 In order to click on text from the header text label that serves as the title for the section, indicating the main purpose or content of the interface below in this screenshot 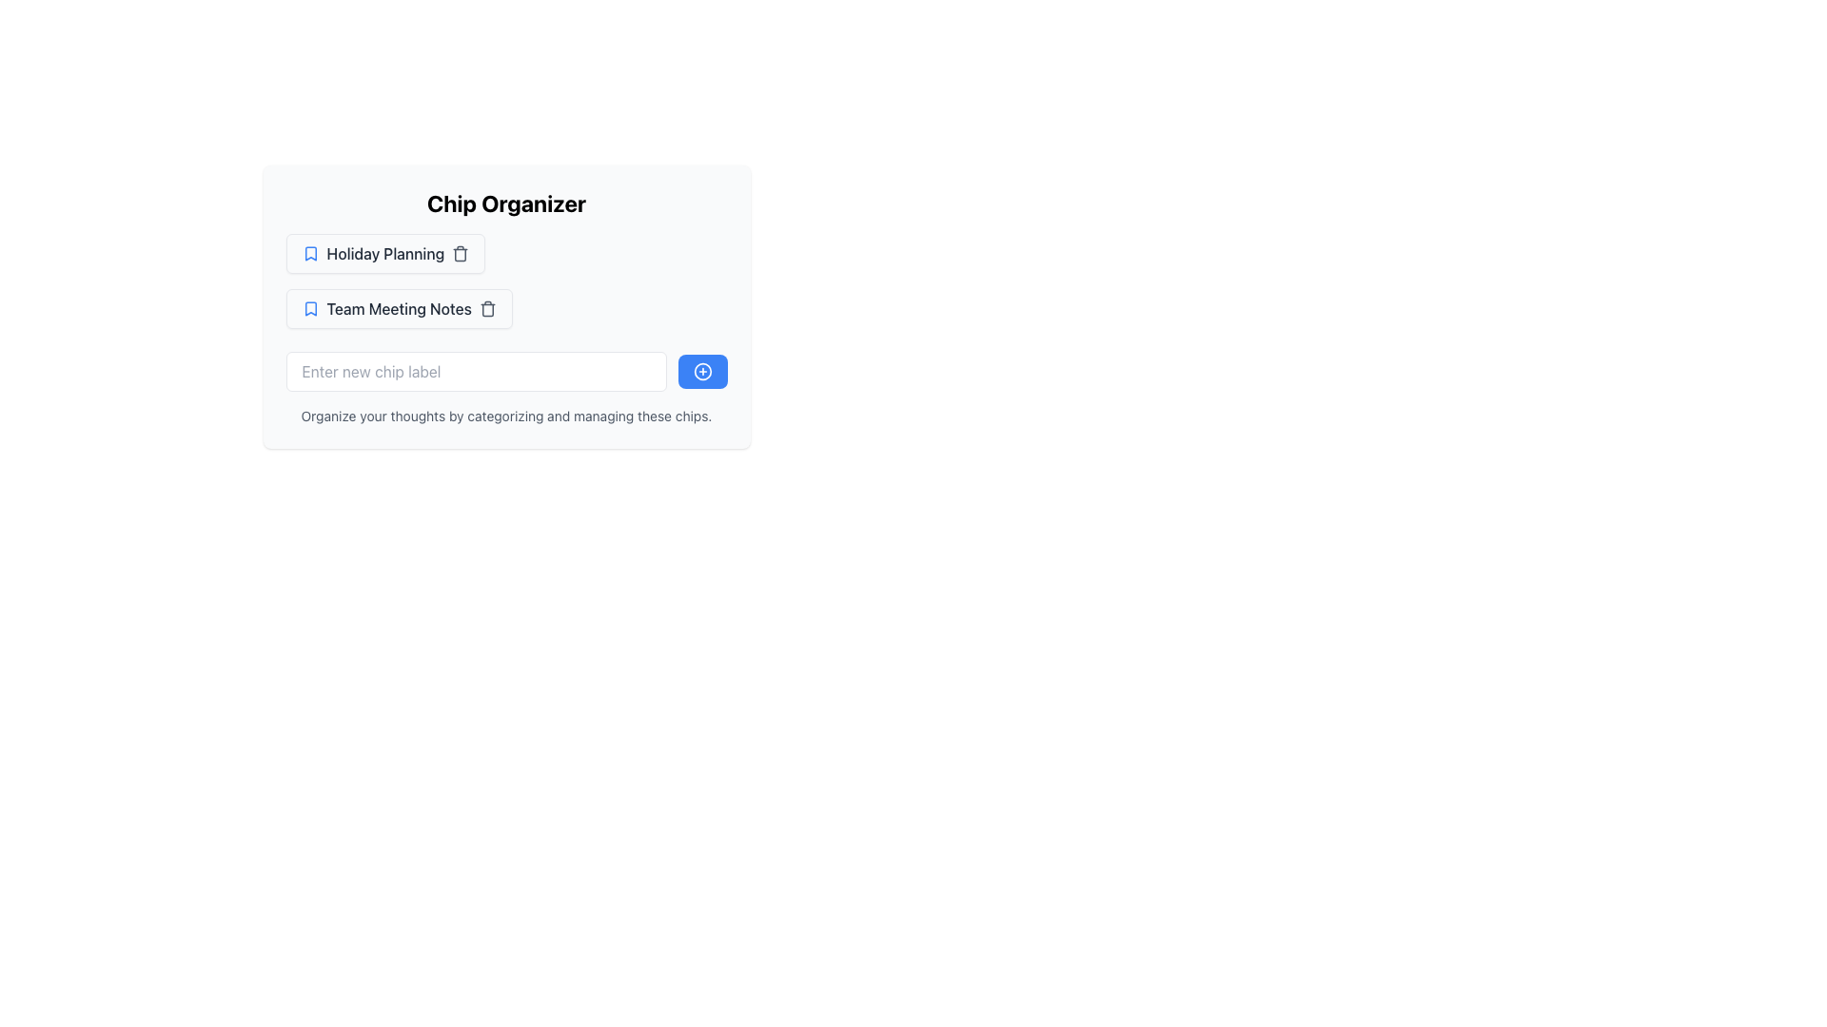, I will do `click(506, 203)`.